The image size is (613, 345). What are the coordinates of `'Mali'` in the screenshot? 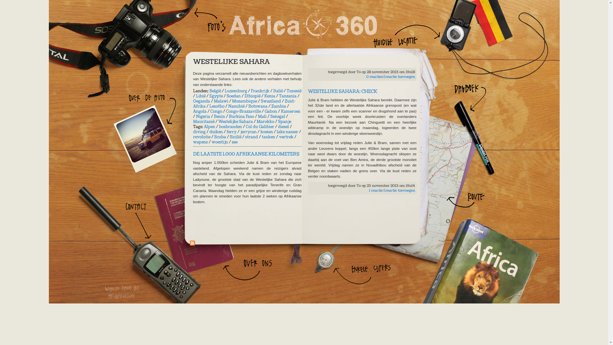 It's located at (262, 117).